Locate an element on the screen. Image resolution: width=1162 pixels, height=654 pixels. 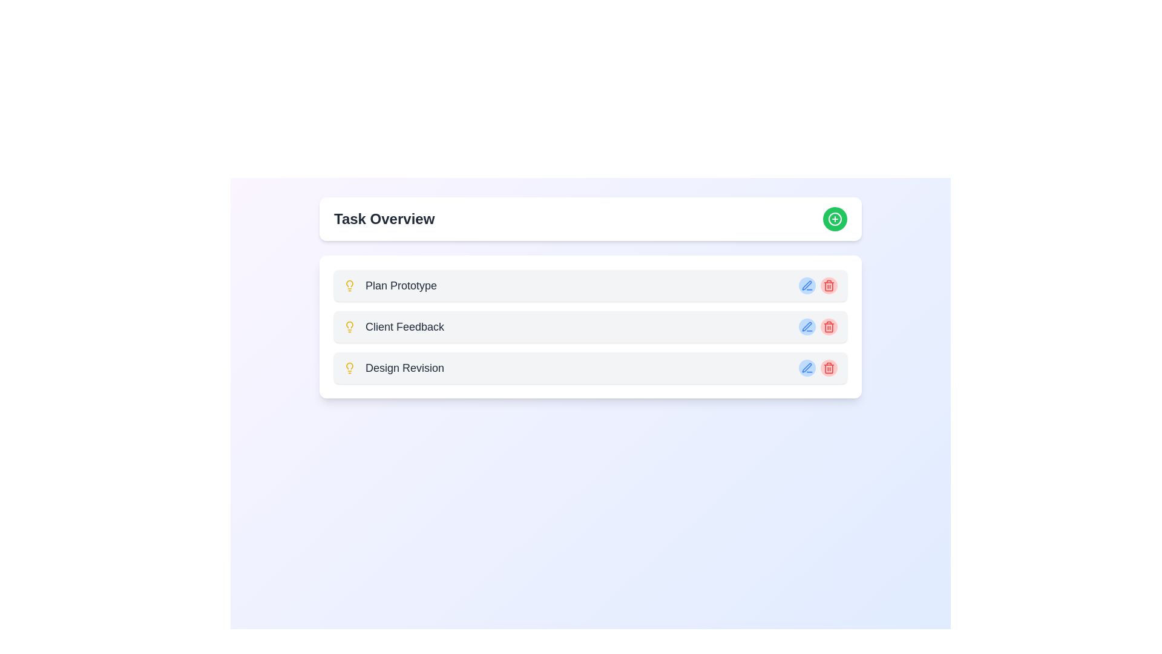
the blue icon in the Action panel for 'Design Revision' is located at coordinates (818, 368).